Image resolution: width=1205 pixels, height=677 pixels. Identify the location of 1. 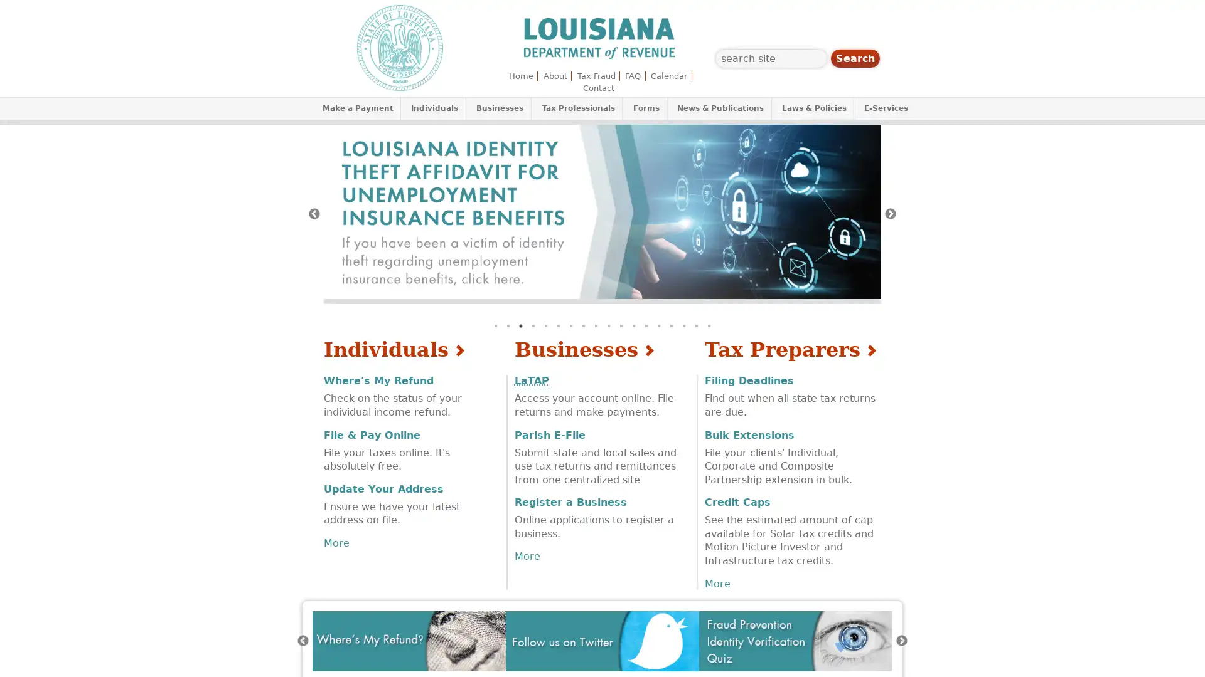
(495, 325).